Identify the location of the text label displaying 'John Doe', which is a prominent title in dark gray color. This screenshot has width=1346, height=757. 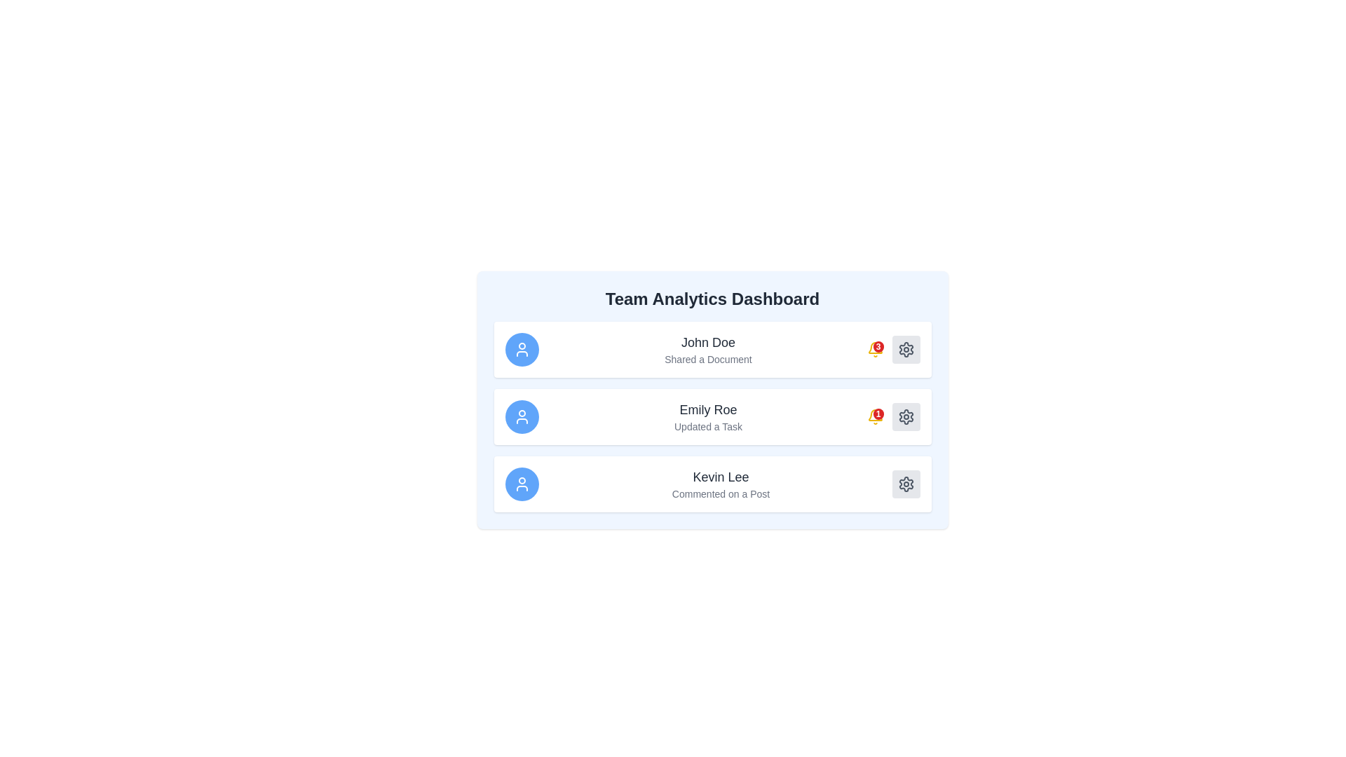
(708, 343).